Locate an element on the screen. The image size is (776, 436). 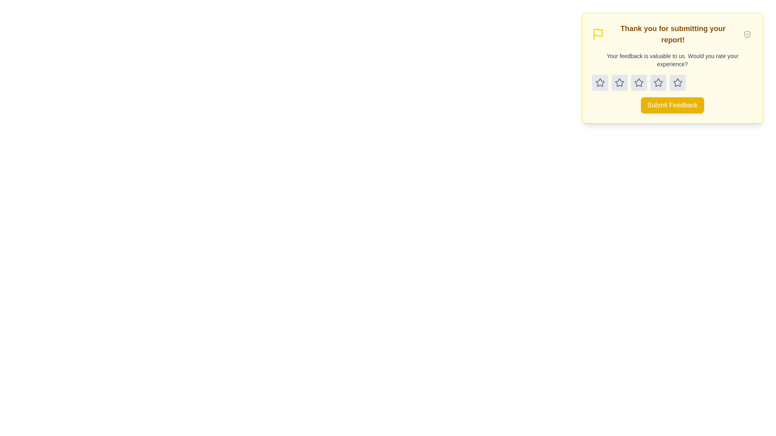
the close button to hide the notification is located at coordinates (746, 34).